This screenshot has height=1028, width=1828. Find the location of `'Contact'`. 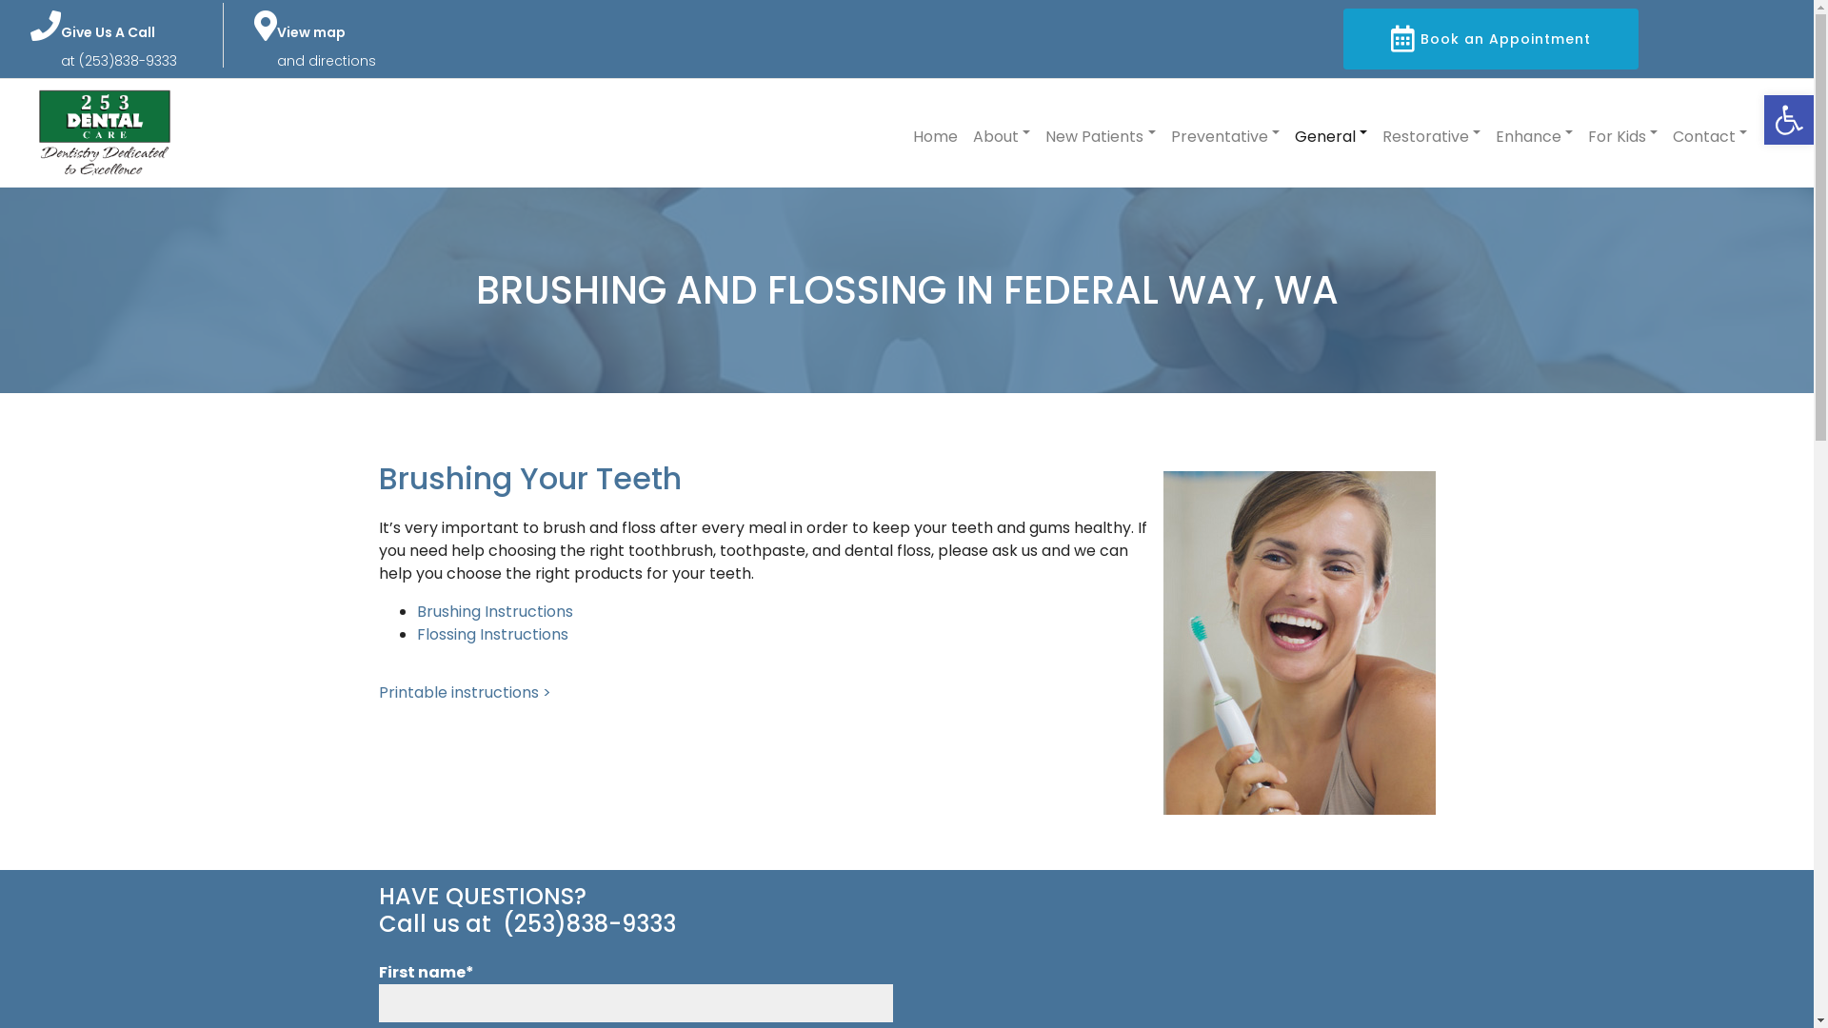

'Contact' is located at coordinates (1709, 131).